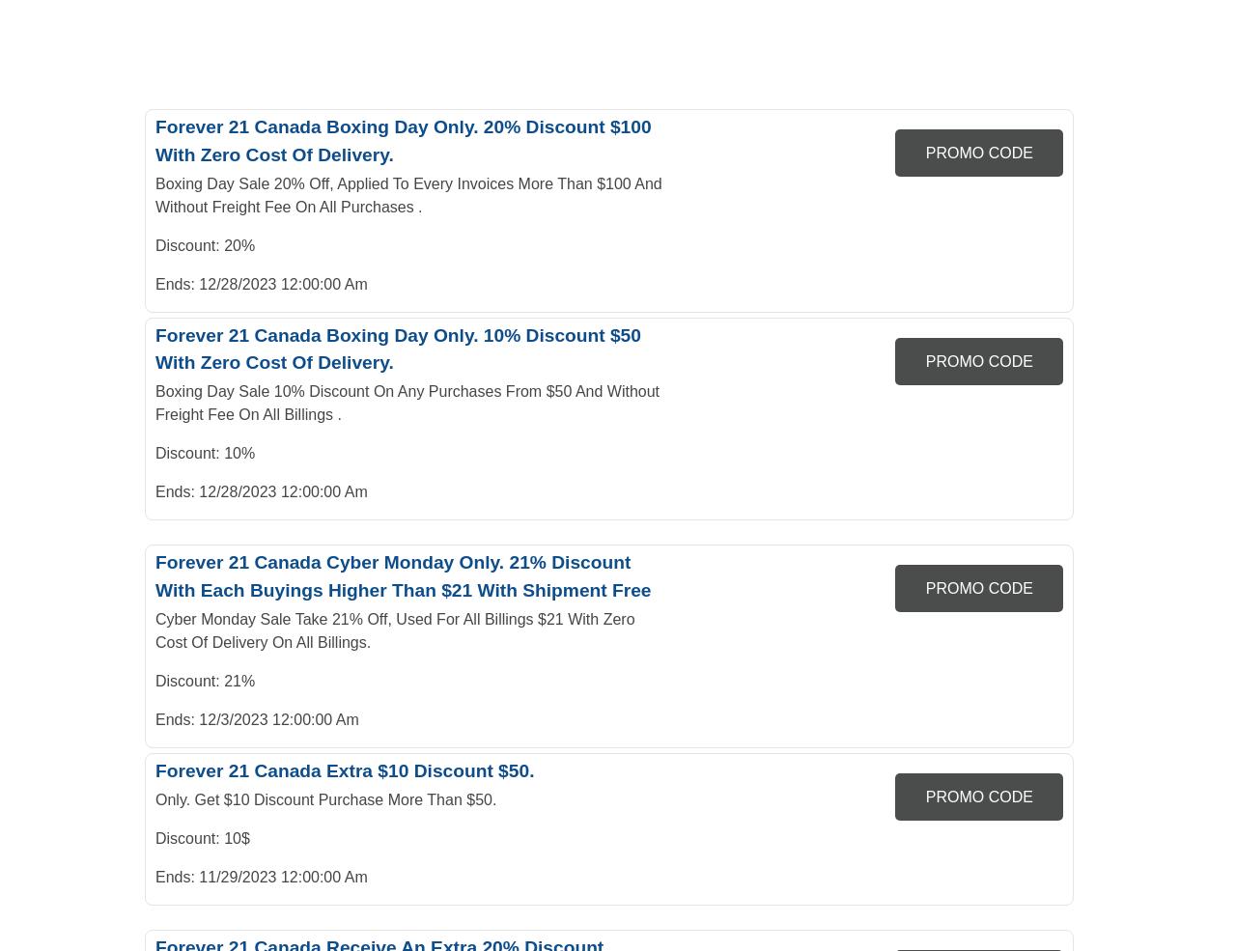 The height and width of the screenshot is (951, 1236). What do you see at coordinates (325, 797) in the screenshot?
I see `'Only. Get $10 Discount Purchase More Than $50.'` at bounding box center [325, 797].